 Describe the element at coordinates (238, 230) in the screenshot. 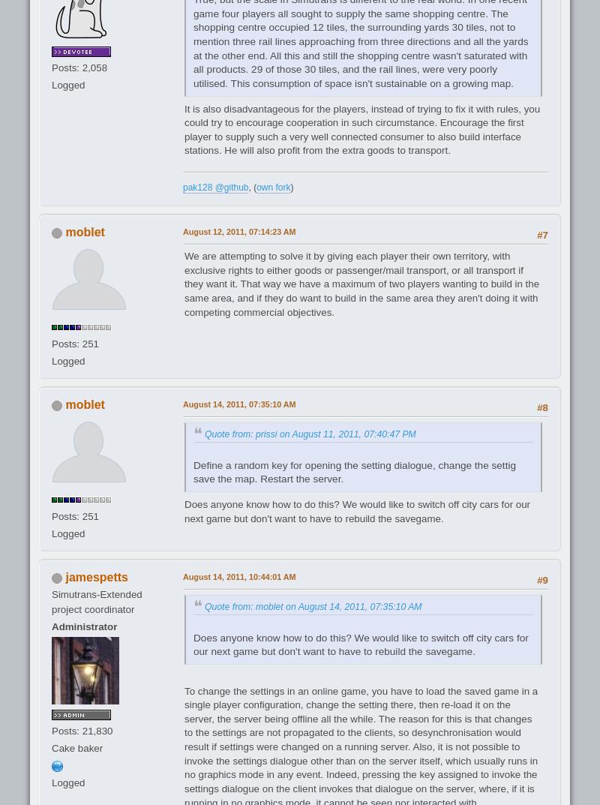

I see `'August 12, 2011, 07:14:23 AM'` at that location.